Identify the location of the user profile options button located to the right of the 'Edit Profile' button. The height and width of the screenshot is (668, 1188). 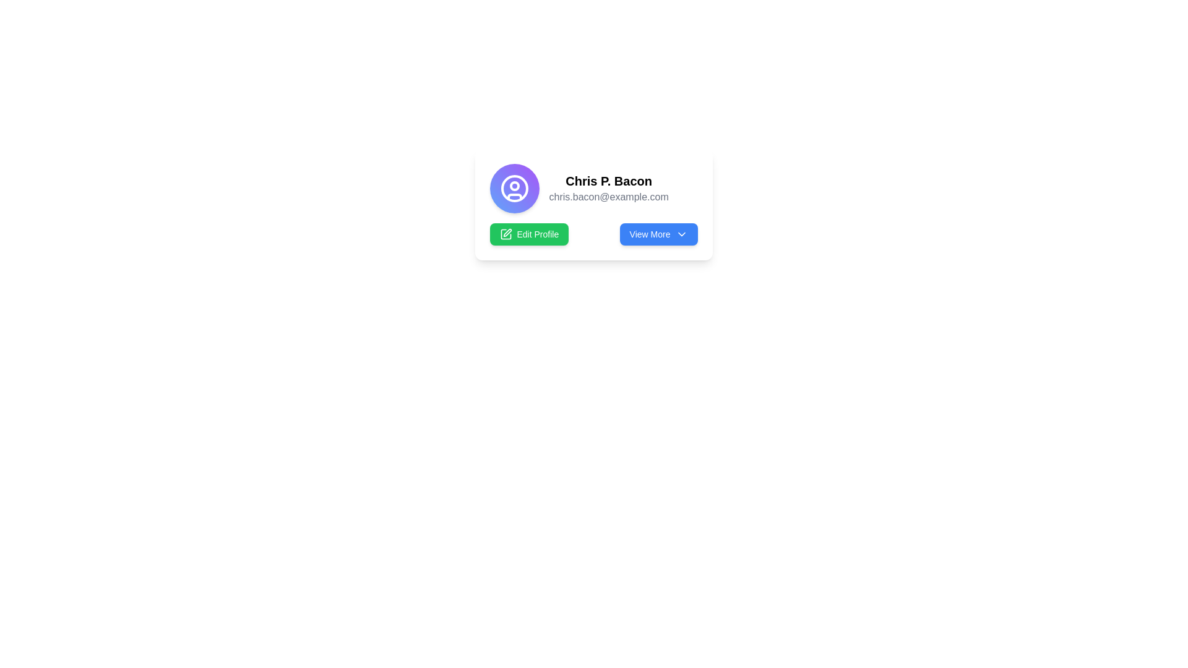
(658, 234).